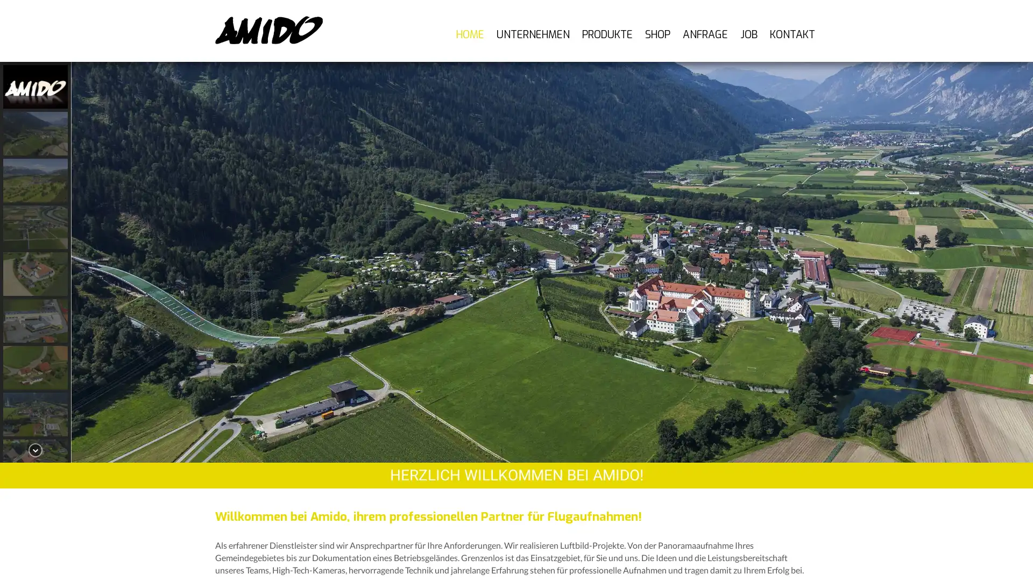 The height and width of the screenshot is (581, 1033). Describe the element at coordinates (36, 320) in the screenshot. I see `Thumbnail 5` at that location.